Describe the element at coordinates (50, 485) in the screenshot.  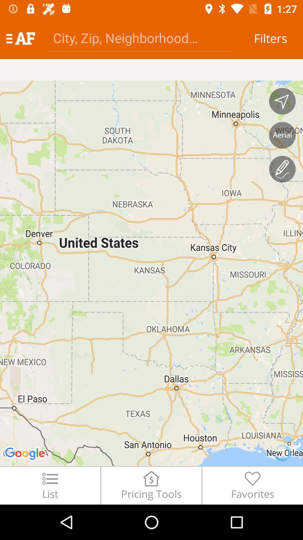
I see `the item next to pricing tools icon` at that location.